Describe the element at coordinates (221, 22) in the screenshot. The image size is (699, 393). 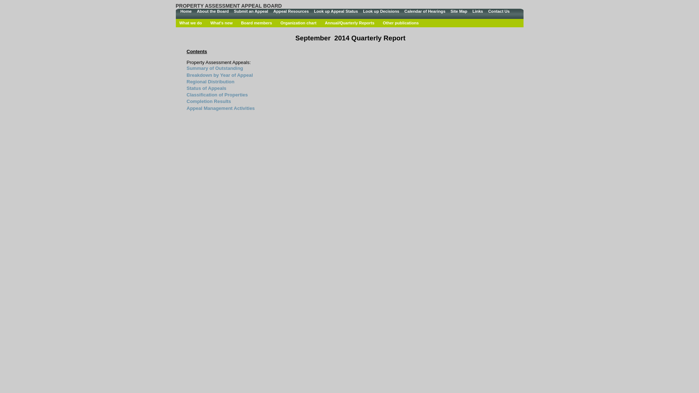
I see `'What's new'` at that location.